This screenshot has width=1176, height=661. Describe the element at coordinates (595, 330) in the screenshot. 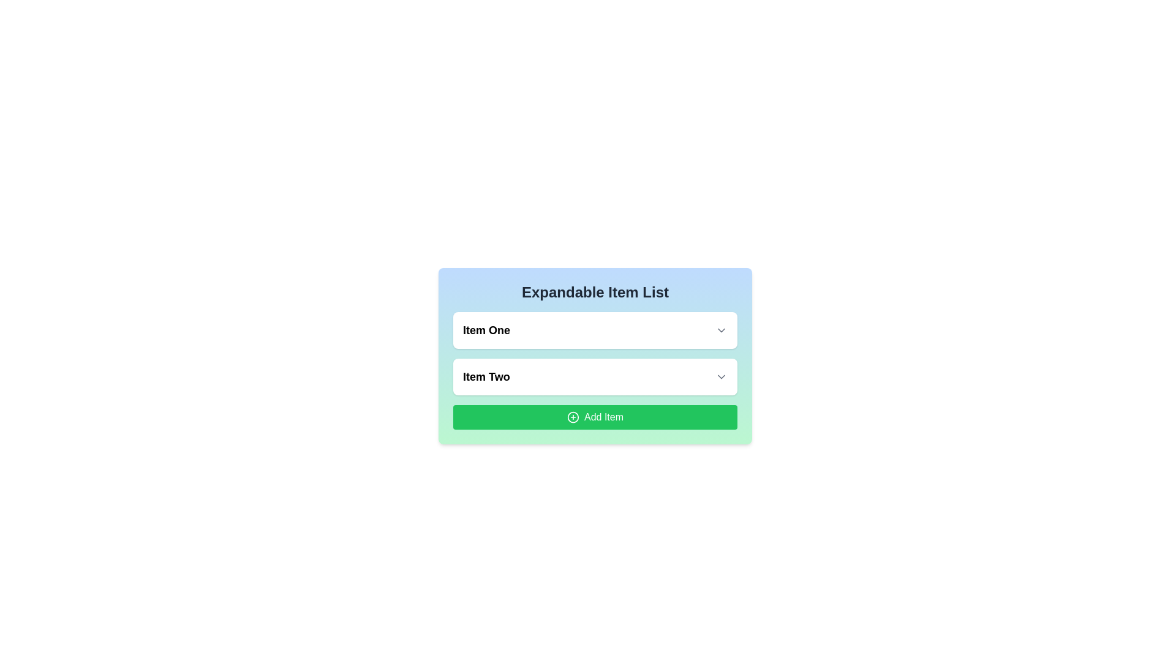

I see `the dropdown menu item labeled 'Item One'` at that location.